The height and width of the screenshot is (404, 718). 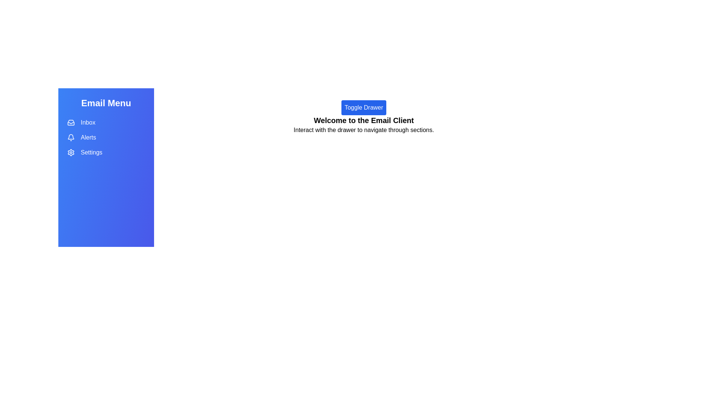 What do you see at coordinates (105, 137) in the screenshot?
I see `the menu item Alerts to navigate to the corresponding section` at bounding box center [105, 137].